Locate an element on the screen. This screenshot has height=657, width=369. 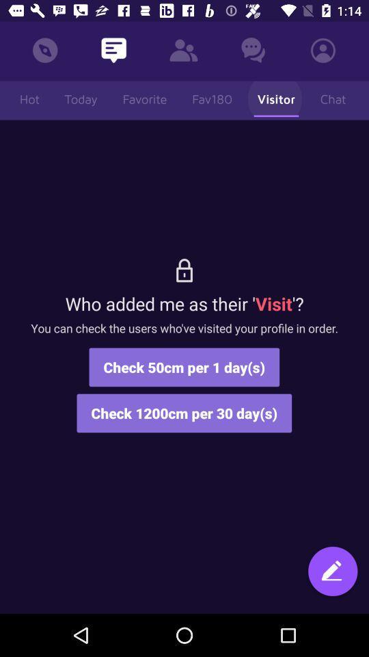
icon below the you can check is located at coordinates (332, 577).